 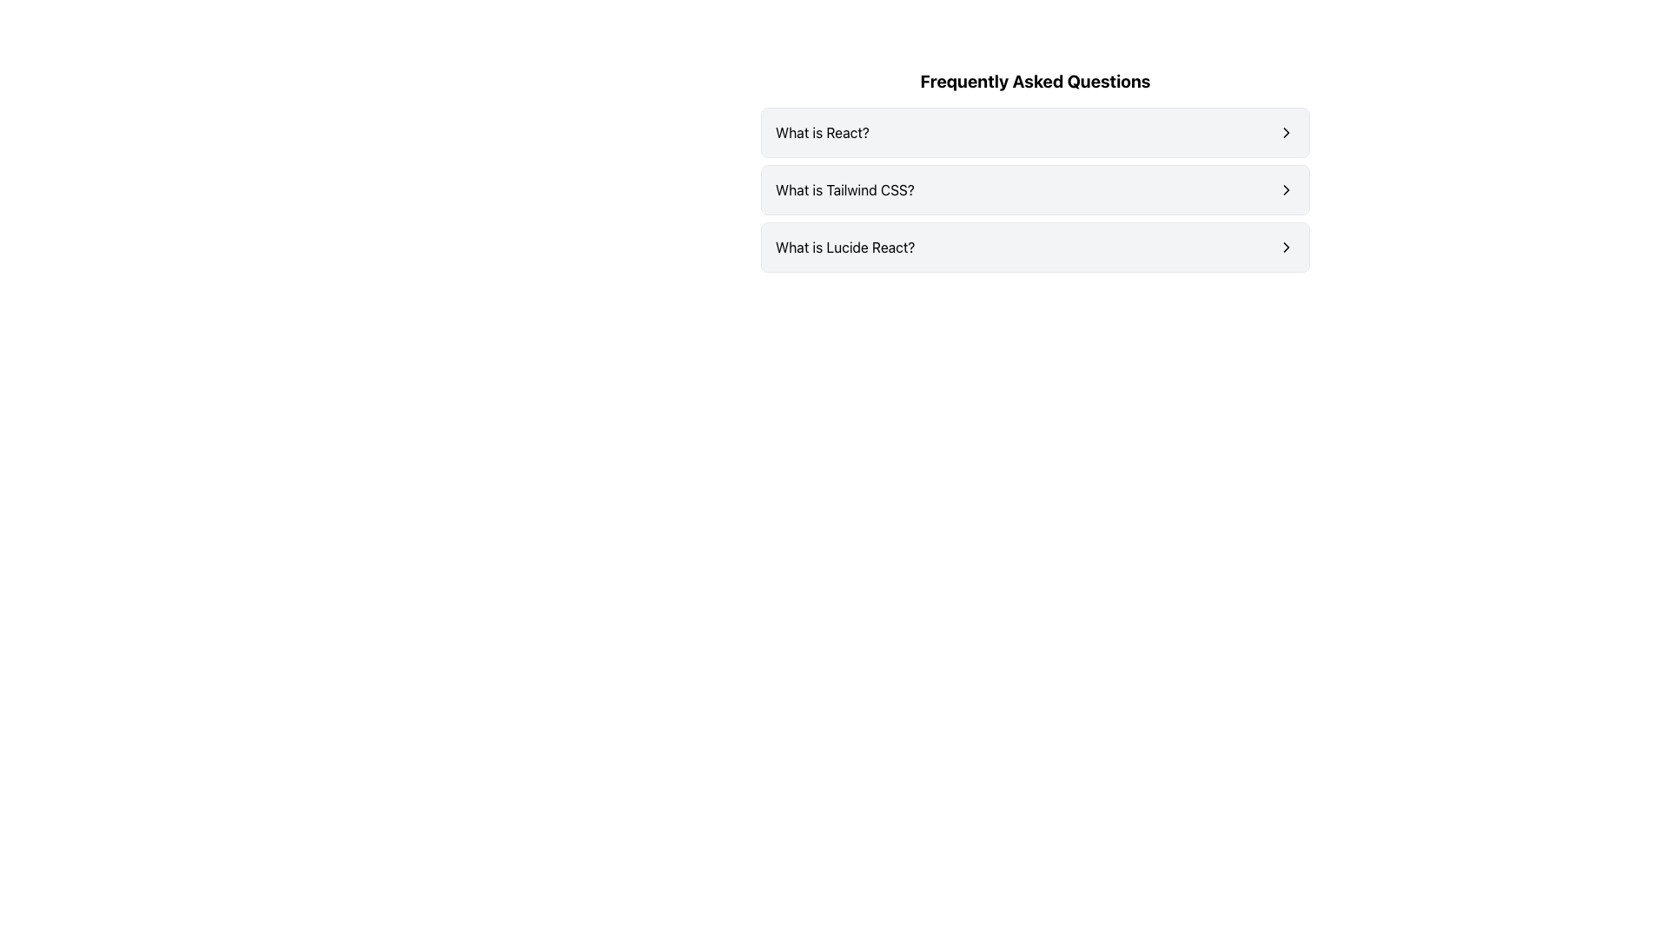 What do you see at coordinates (1035, 248) in the screenshot?
I see `the interactive list item at the center coordinates` at bounding box center [1035, 248].